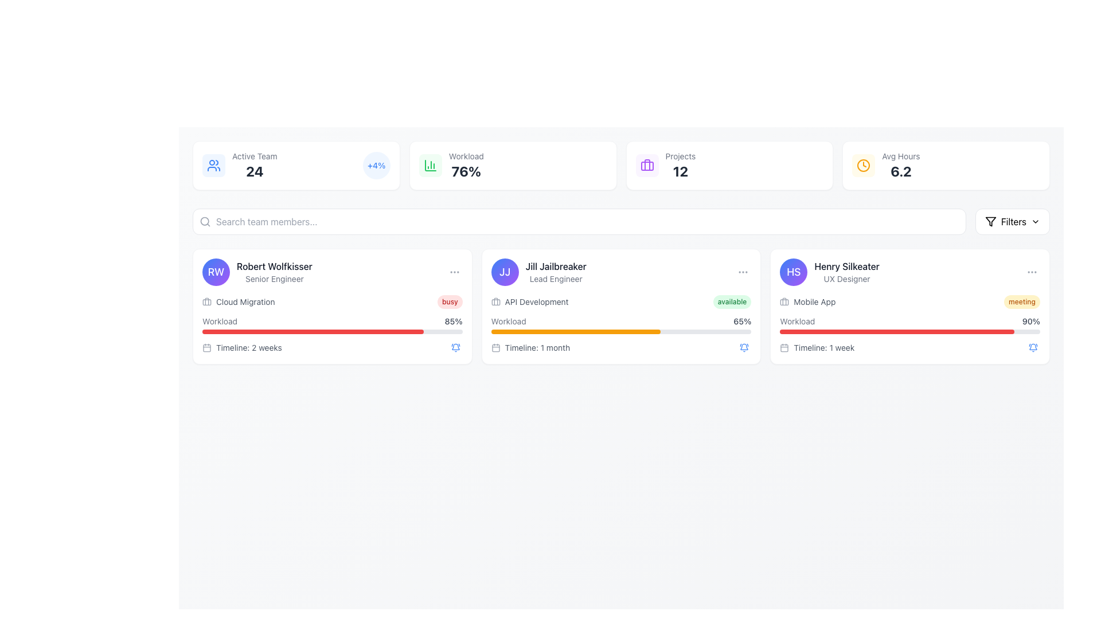  What do you see at coordinates (680, 166) in the screenshot?
I see `the 'Projects' text display element located in the top section of the interface` at bounding box center [680, 166].